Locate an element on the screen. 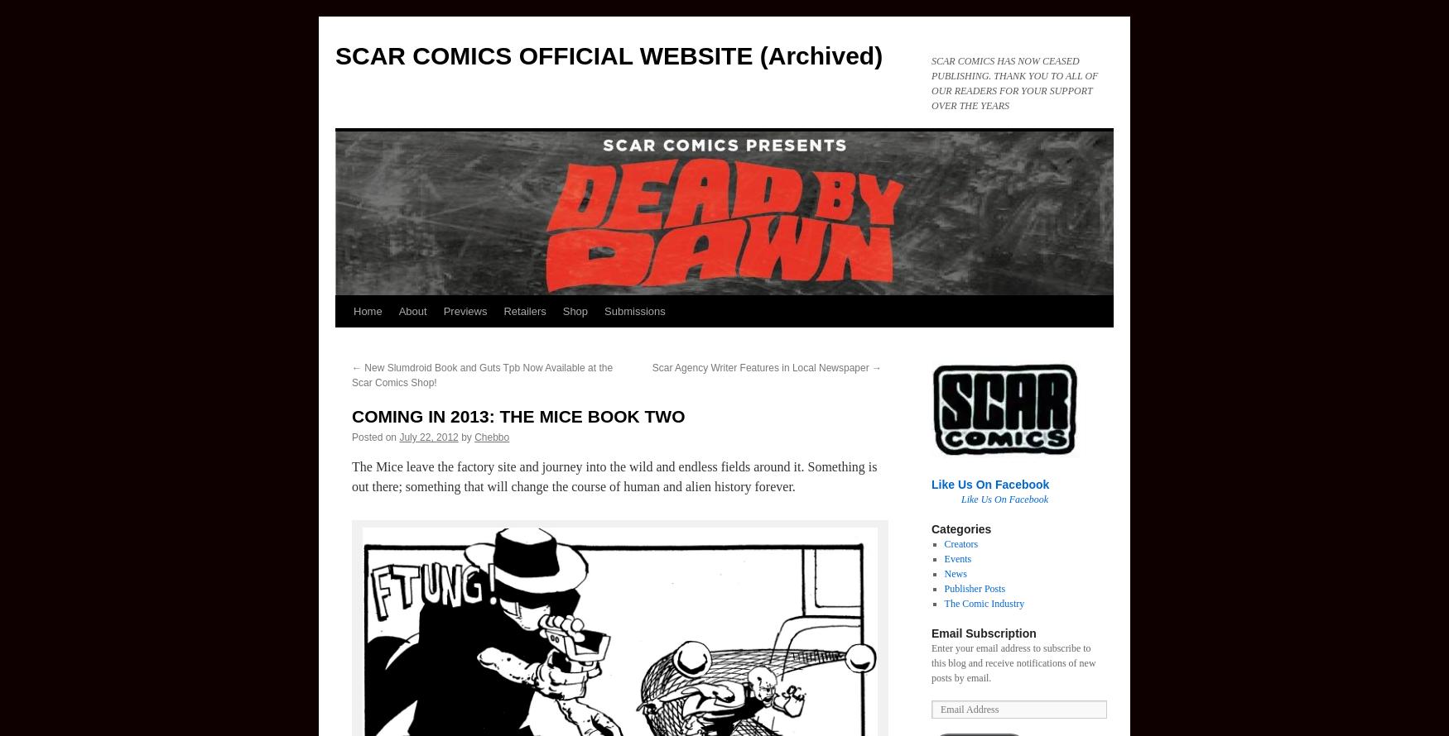  'Enter your email address to subscribe to this blog and receive notifications of new posts by email.' is located at coordinates (1013, 662).